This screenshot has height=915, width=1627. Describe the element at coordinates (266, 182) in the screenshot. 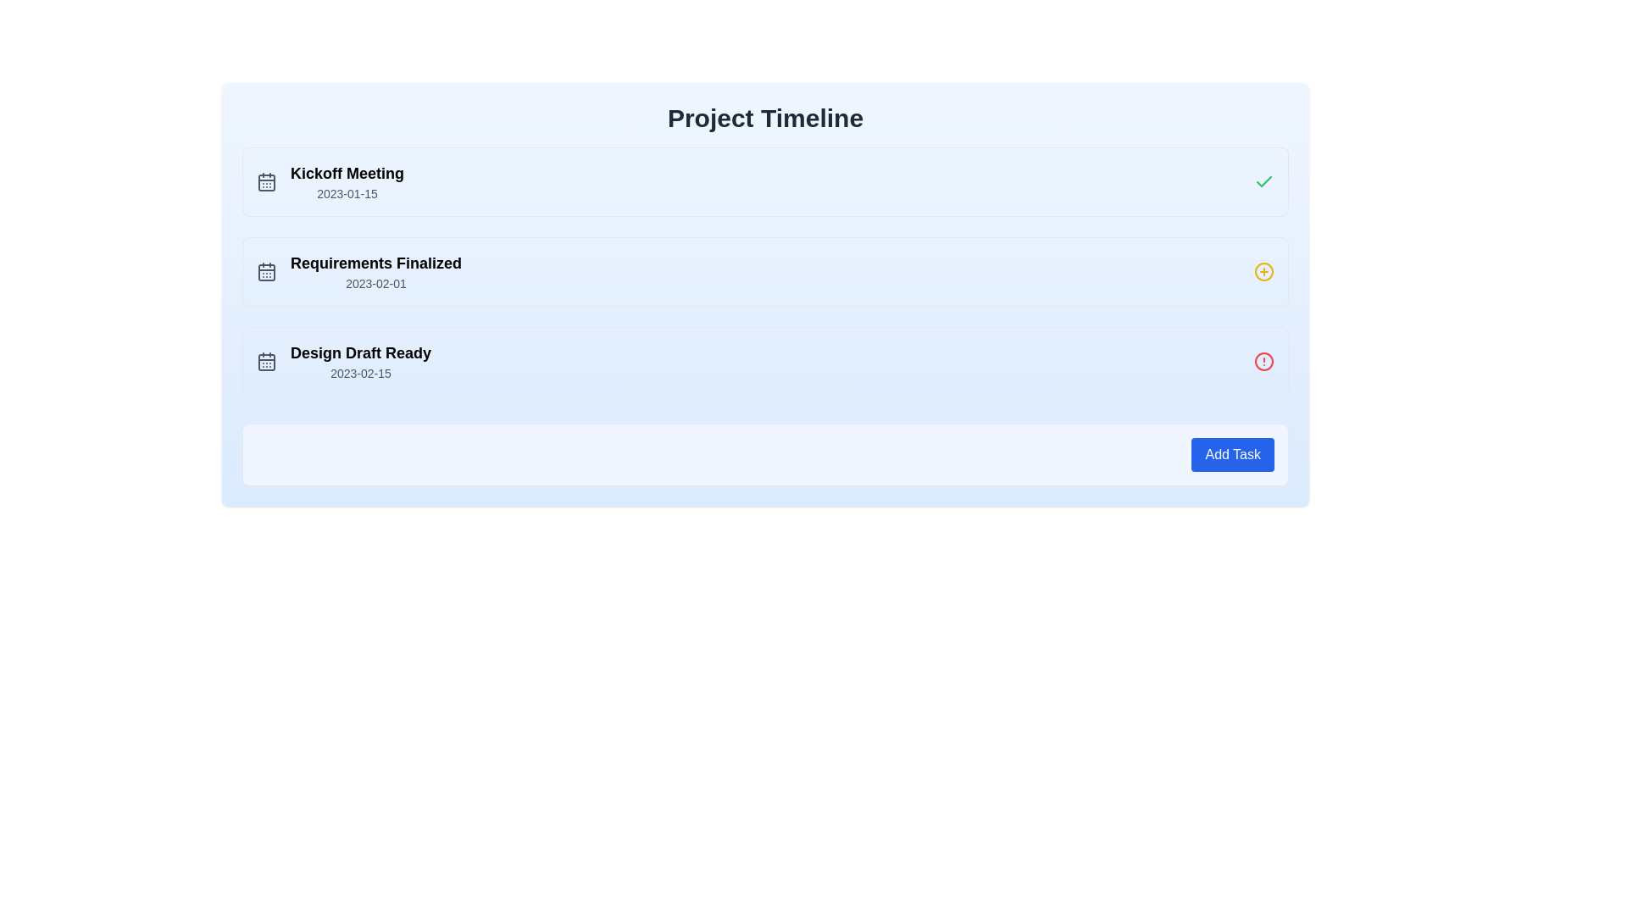

I see `the calendar icon located to the left of the title text in the 'Kickoff Meeting' task entry in the 'Project Timeline' section` at that location.